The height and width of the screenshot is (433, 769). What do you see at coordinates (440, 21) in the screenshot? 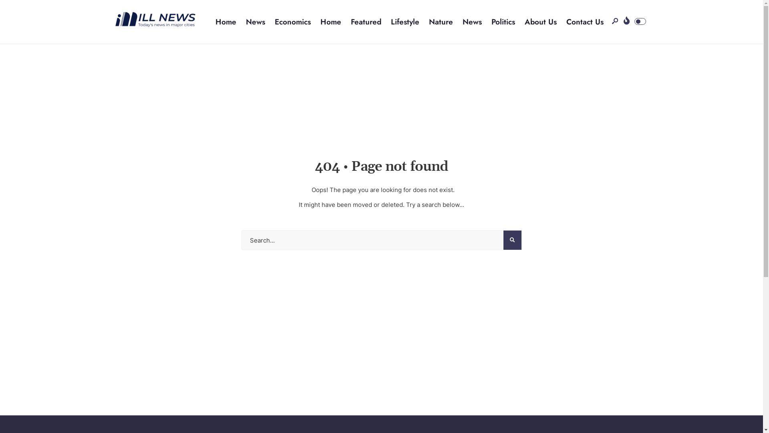
I see `'Nature'` at bounding box center [440, 21].